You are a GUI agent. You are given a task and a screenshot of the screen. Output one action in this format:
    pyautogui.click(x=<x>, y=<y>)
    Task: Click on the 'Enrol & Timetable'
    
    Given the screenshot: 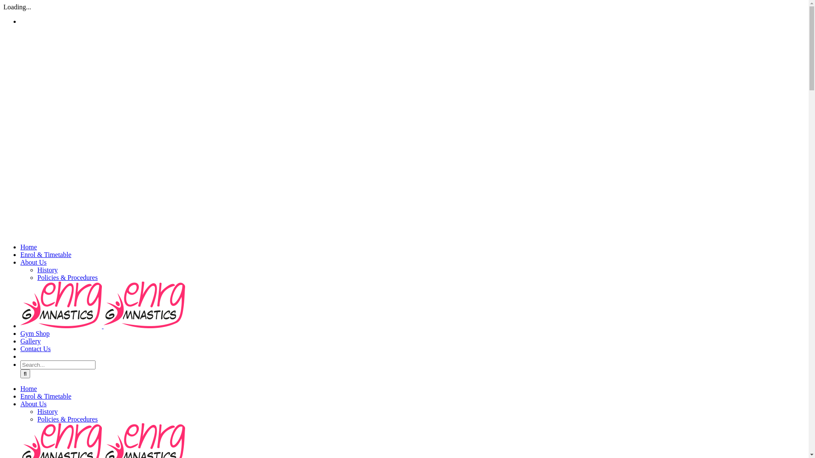 What is the action you would take?
    pyautogui.click(x=45, y=396)
    